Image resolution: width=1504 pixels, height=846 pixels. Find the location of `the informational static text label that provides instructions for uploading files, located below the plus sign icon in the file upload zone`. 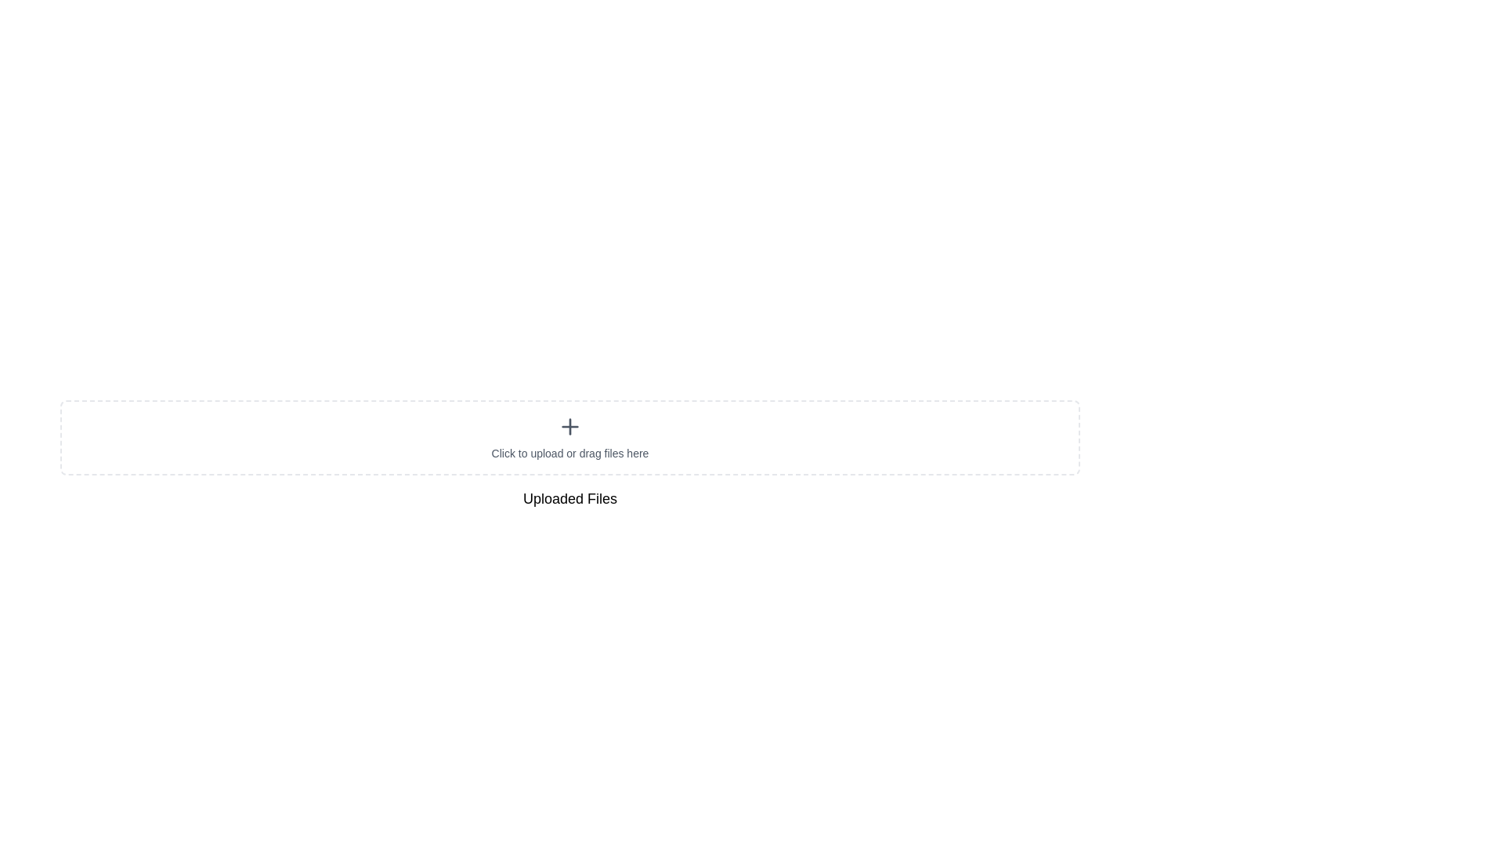

the informational static text label that provides instructions for uploading files, located below the plus sign icon in the file upload zone is located at coordinates (569, 453).